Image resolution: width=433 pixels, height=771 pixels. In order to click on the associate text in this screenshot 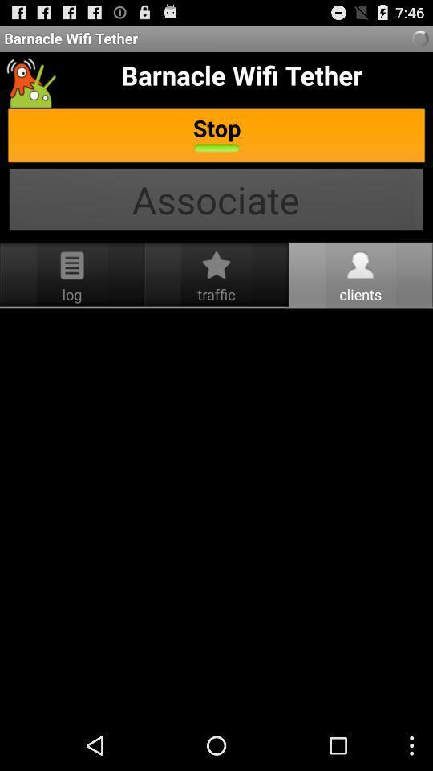, I will do `click(216, 201)`.